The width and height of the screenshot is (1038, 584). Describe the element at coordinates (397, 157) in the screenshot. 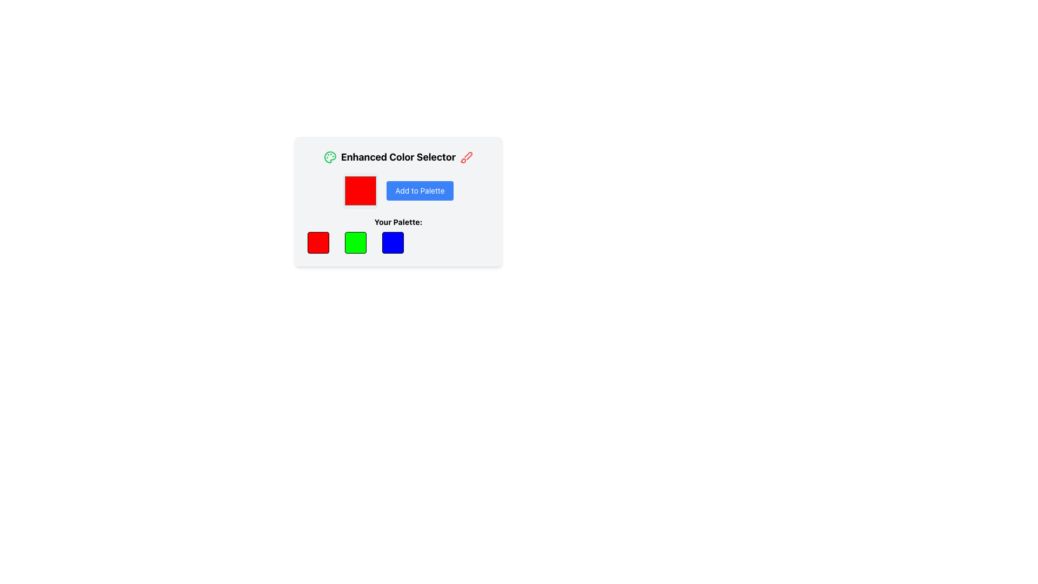

I see `the text label displaying 'Enhanced Color Selector', which is prominently located at the top of the color selection interface` at that location.